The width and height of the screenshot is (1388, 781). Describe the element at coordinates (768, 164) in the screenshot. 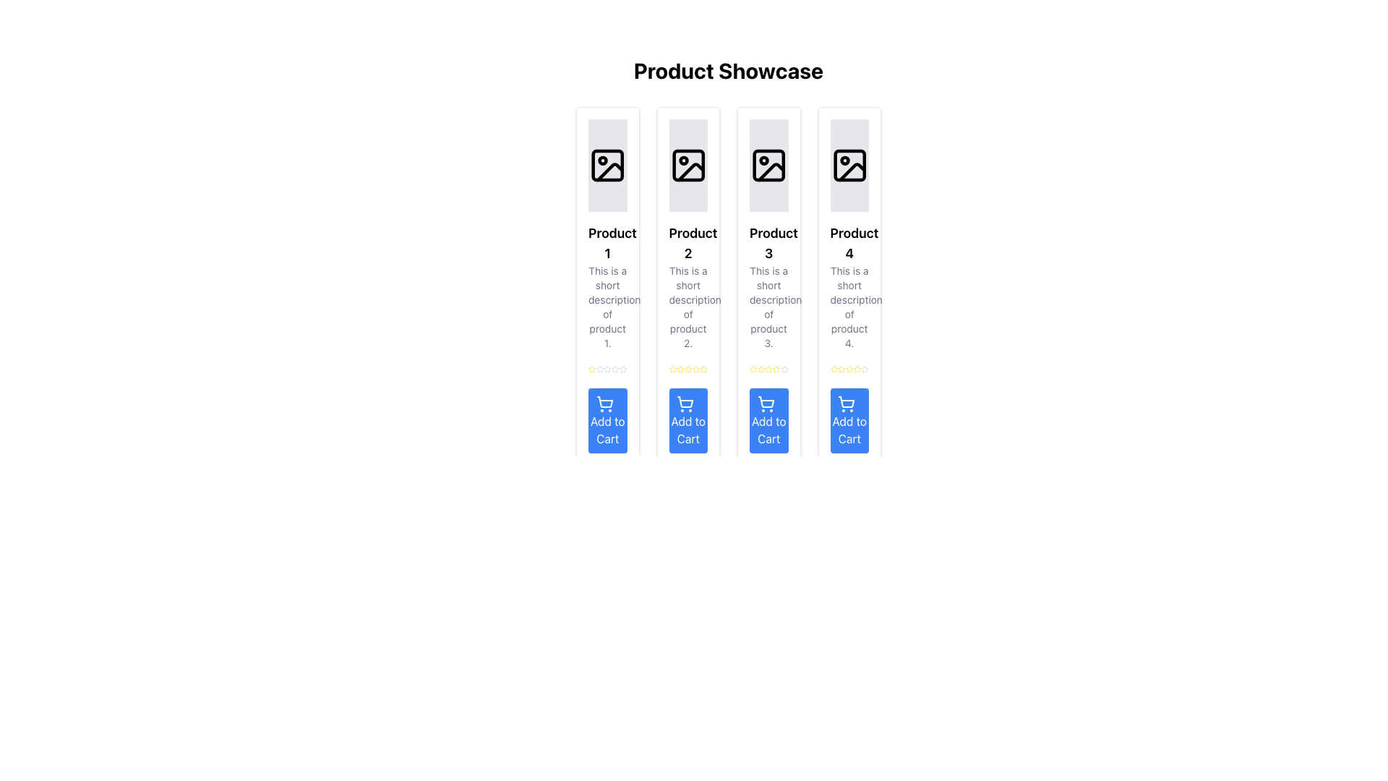

I see `the graphic placeholder element for 'Product 3', which is located near the top-left corner of the image representation` at that location.